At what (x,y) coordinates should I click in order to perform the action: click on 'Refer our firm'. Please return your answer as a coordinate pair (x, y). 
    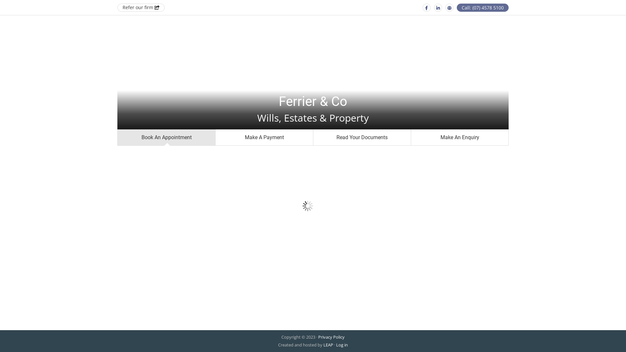
    Looking at the image, I should click on (141, 7).